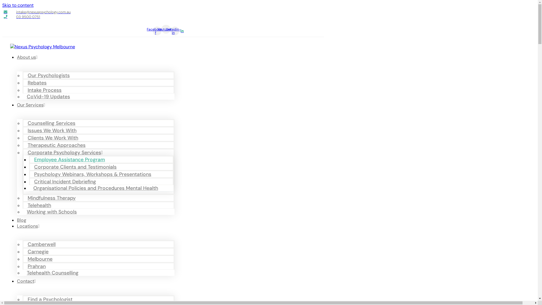  I want to click on 'About us', so click(27, 57).